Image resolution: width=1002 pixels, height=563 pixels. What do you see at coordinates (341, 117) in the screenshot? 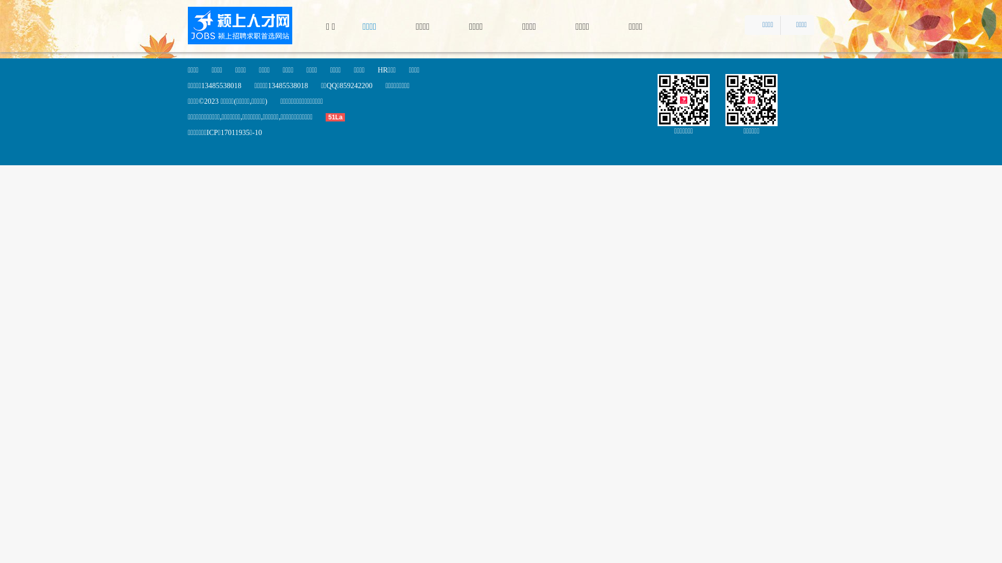
I see `'51La'` at bounding box center [341, 117].